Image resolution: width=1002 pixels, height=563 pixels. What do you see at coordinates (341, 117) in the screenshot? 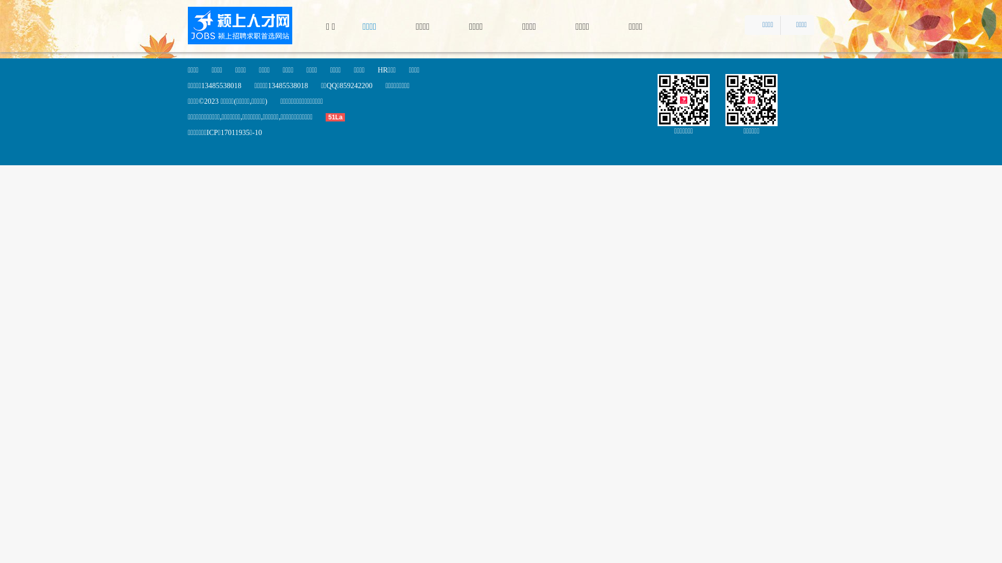
I see `'51La'` at bounding box center [341, 117].